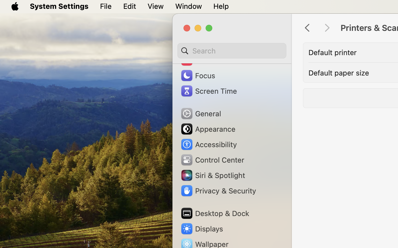  Describe the element at coordinates (207, 129) in the screenshot. I see `'Appearance'` at that location.